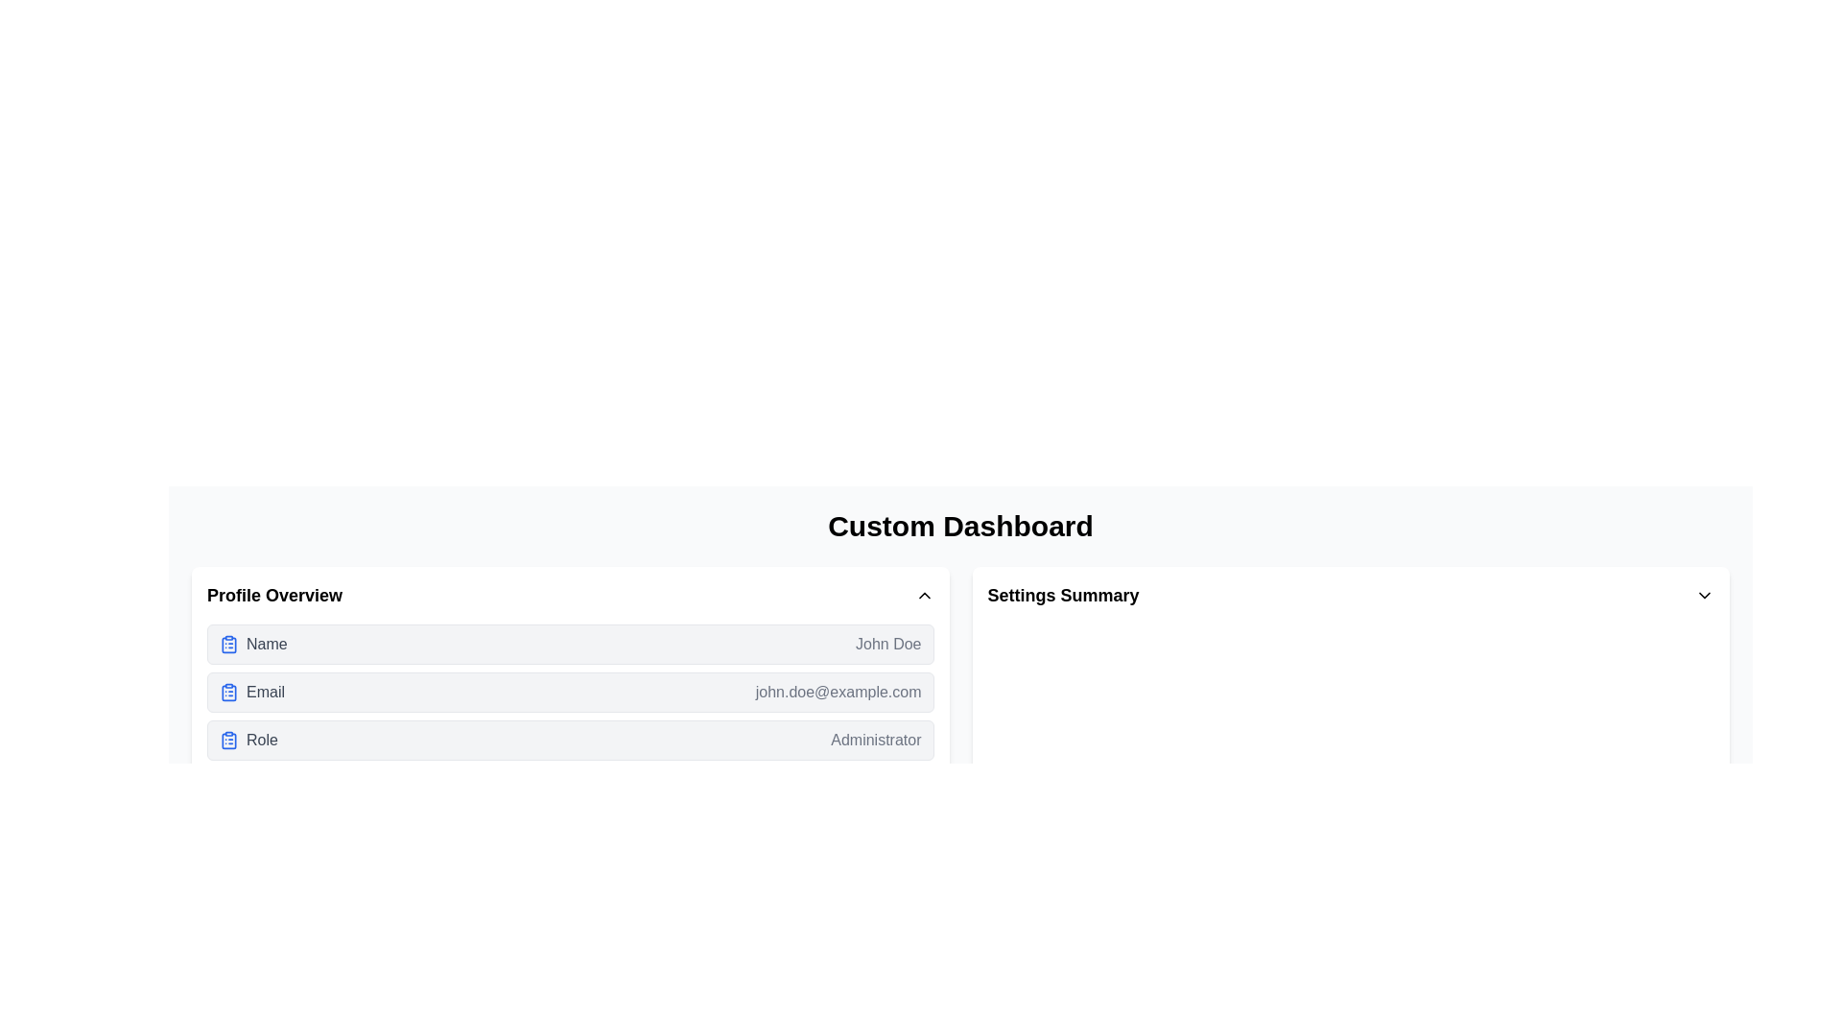  Describe the element at coordinates (266, 644) in the screenshot. I see `the 'Name' text label, which is styled in gray and is the first item in the 'Profile Overview' list, associated with a user profile` at that location.